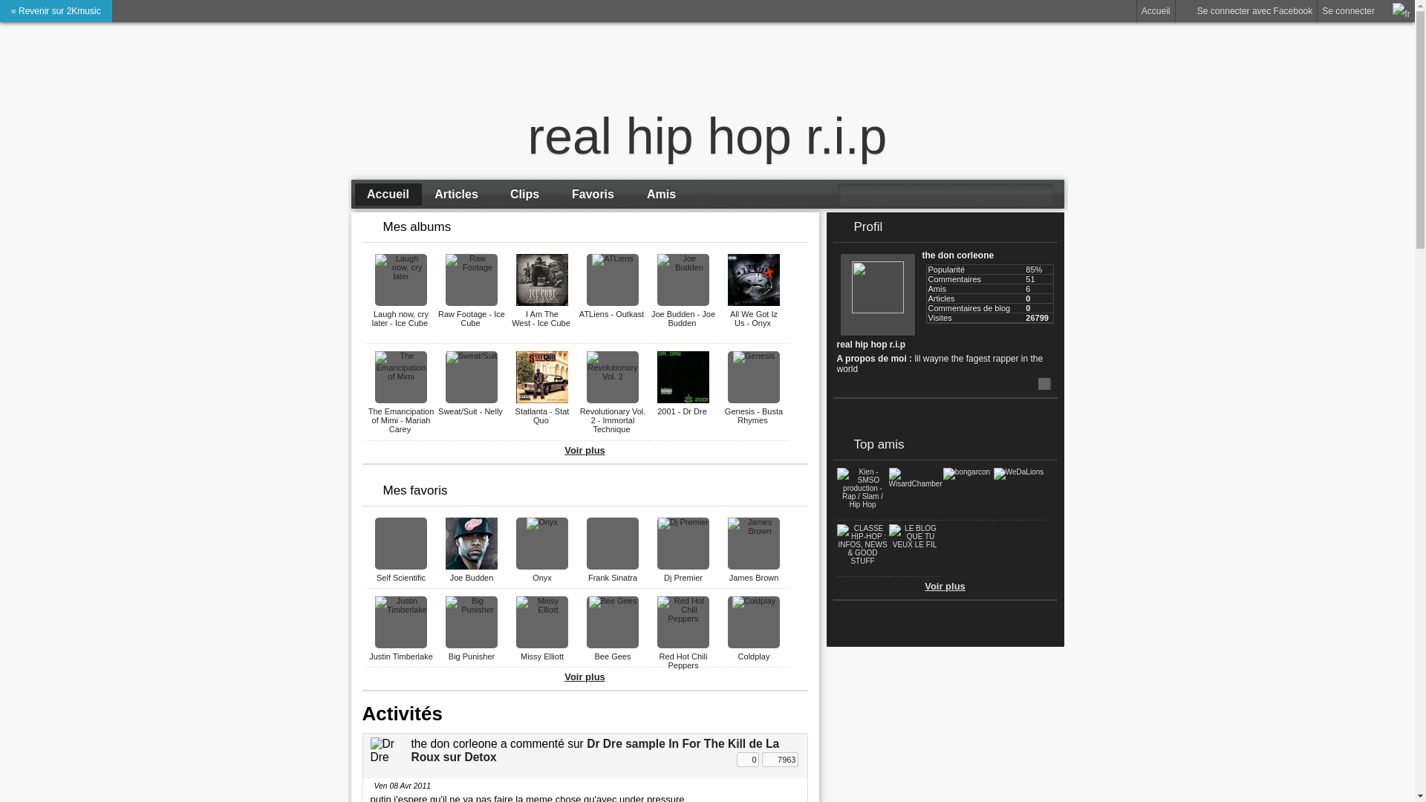 Image resolution: width=1426 pixels, height=802 pixels. I want to click on 'Clips', so click(492, 194).